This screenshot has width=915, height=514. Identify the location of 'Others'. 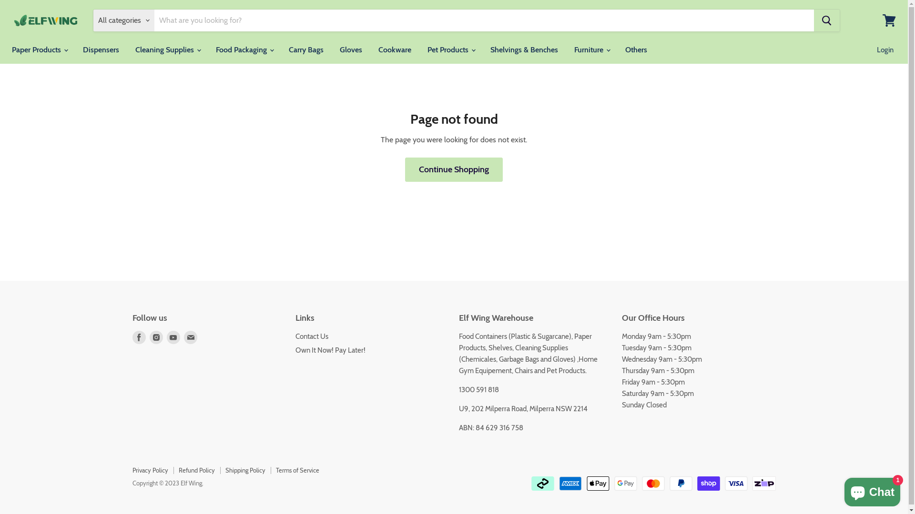
(636, 49).